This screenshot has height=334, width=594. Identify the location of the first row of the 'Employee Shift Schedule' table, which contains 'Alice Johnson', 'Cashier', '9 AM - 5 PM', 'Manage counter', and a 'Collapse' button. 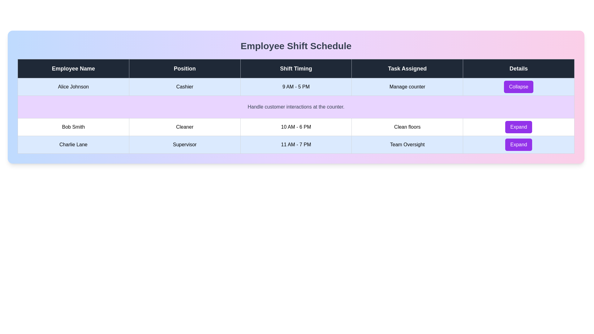
(295, 87).